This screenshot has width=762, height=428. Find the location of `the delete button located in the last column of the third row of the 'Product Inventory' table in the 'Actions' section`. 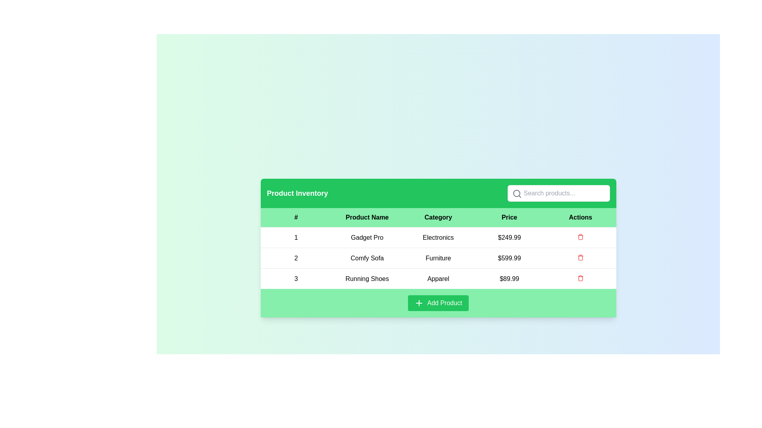

the delete button located in the last column of the third row of the 'Product Inventory' table in the 'Actions' section is located at coordinates (580, 278).